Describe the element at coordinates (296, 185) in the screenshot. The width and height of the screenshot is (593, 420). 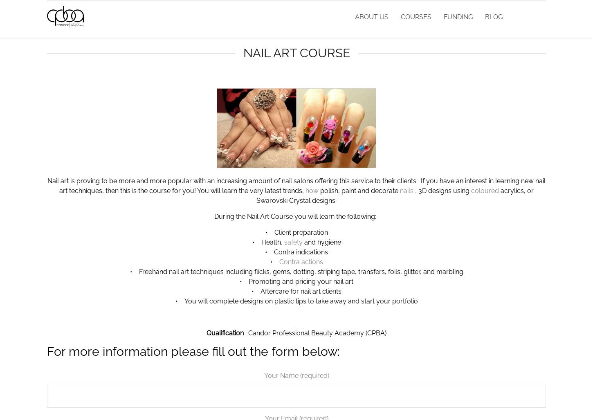
I see `'Nail art is proving to be more and more popular with an increasing amount of nail salons offering this service to their clients.  If you have an interest in learning new nail art techniques, then this is the course for you! You will learn the very latest trends,'` at that location.